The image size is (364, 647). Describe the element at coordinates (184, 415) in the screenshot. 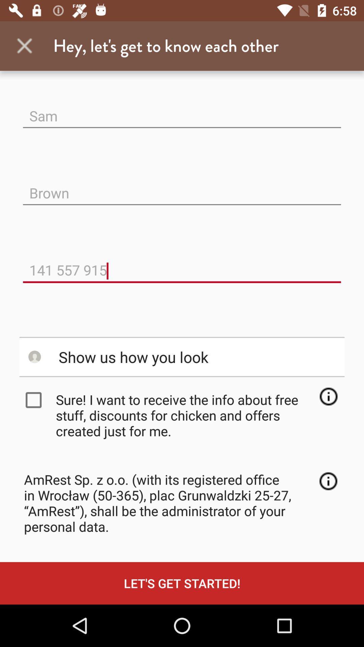

I see `the item above the amrest sp z icon` at that location.